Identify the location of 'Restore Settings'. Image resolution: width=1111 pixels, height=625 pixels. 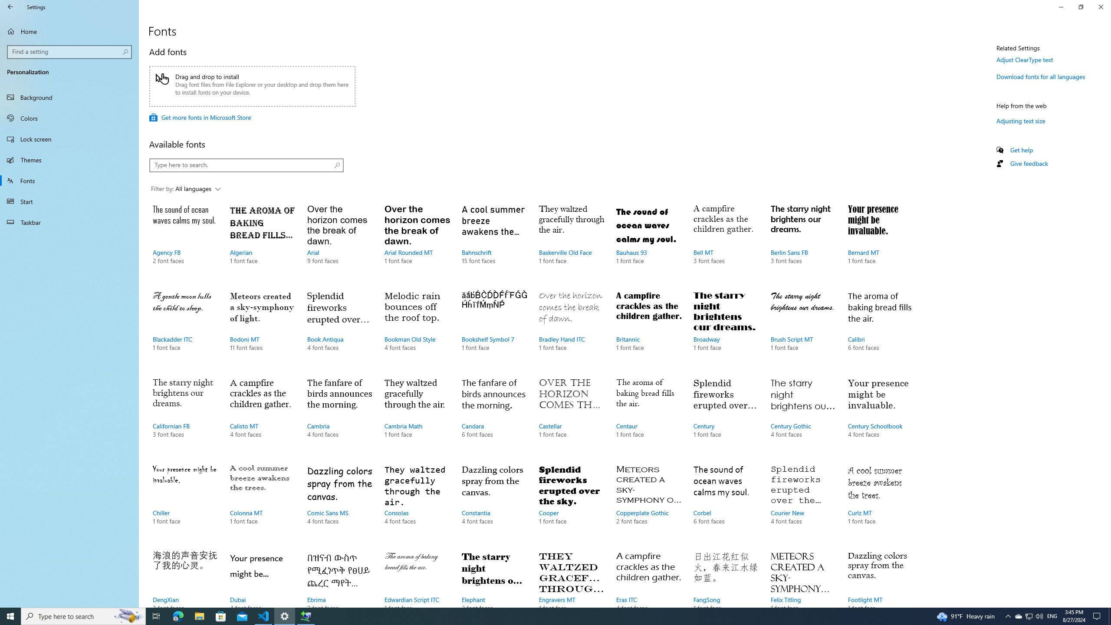
(1081, 7).